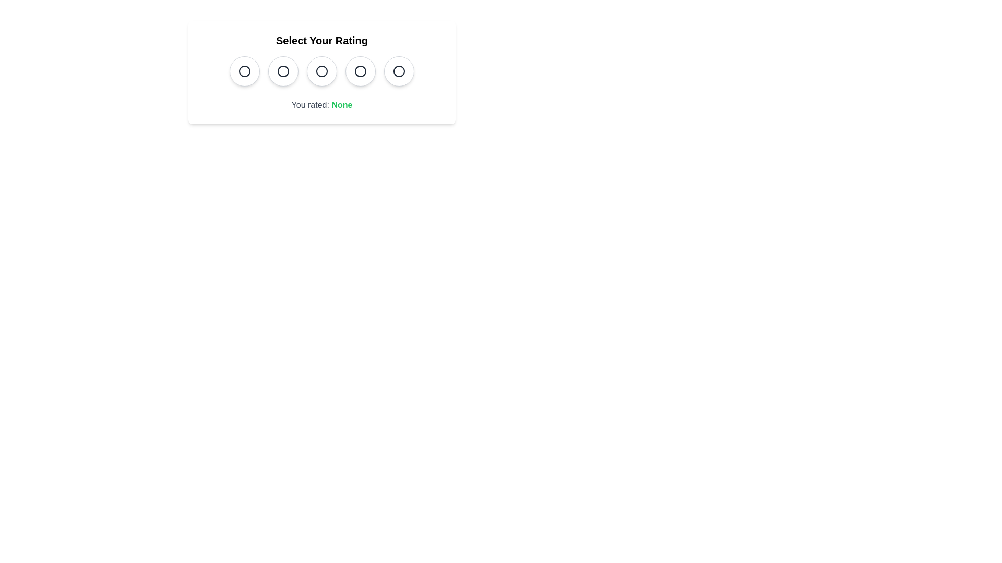  What do you see at coordinates (398, 71) in the screenshot?
I see `button corresponding to the rating 5` at bounding box center [398, 71].